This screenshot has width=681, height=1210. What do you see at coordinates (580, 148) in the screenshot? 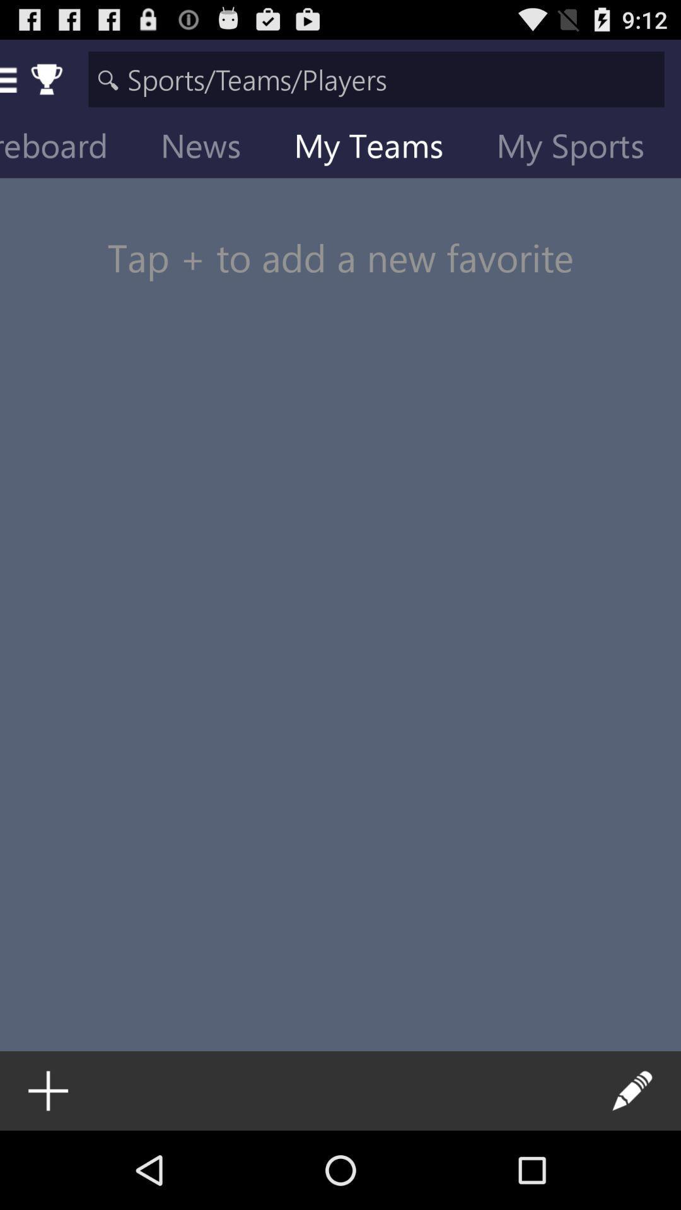
I see `icon above the tap to add icon` at bounding box center [580, 148].